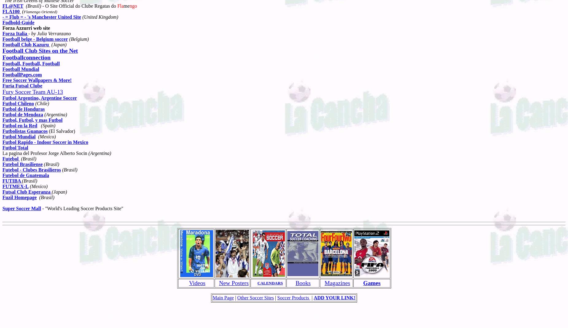 The height and width of the screenshot is (328, 568). What do you see at coordinates (40, 11) in the screenshot?
I see `'Flamengo
Oriented)'` at bounding box center [40, 11].